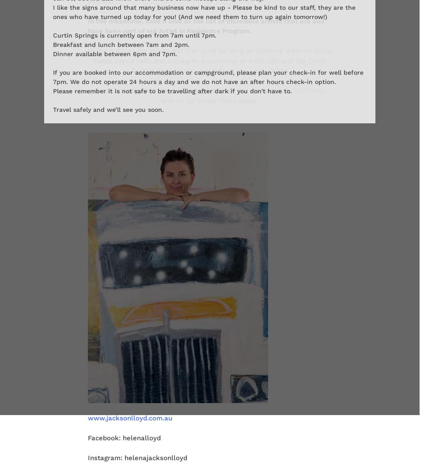  What do you see at coordinates (208, 77) in the screenshot?
I see `'If you are booked into our accommodation or campground, please plan your check-in for well before 7pm. We do not operate 24 hours a day and we do not have an after hours check-in option.'` at bounding box center [208, 77].